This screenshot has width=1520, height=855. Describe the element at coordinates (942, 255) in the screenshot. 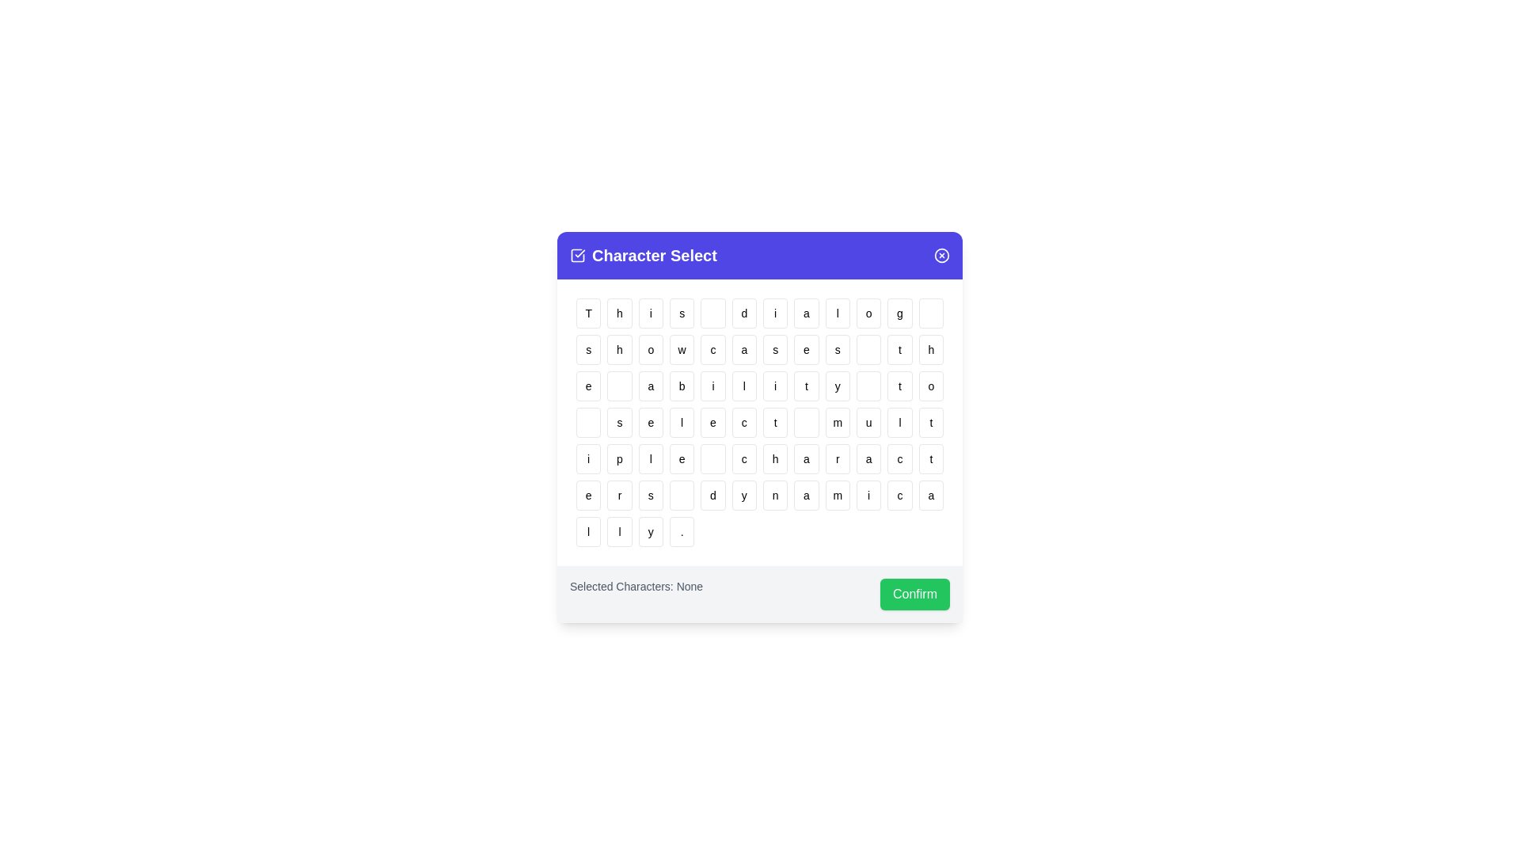

I see `the close button to close the dialog` at that location.